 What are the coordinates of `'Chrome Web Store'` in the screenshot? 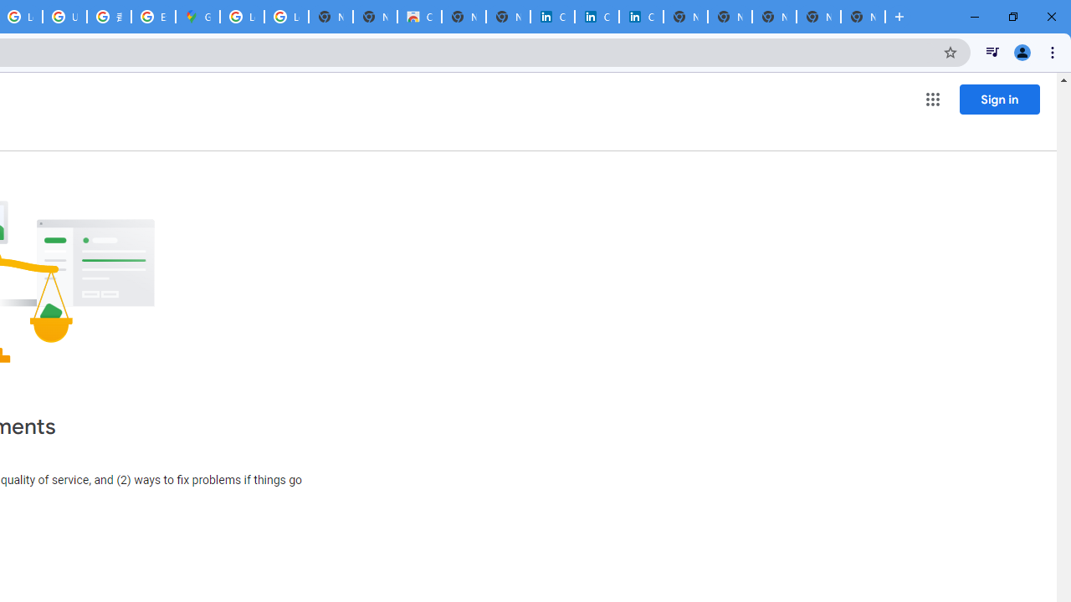 It's located at (419, 17).